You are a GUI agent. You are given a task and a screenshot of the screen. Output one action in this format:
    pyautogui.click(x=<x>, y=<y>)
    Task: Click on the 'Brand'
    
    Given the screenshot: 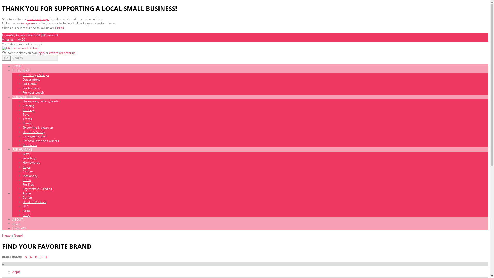 What is the action you would take?
    pyautogui.click(x=18, y=236)
    